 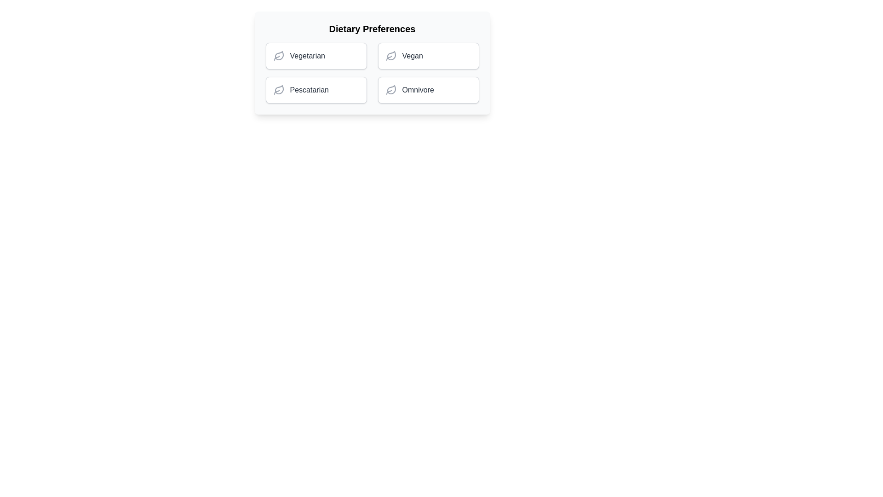 What do you see at coordinates (391, 56) in the screenshot?
I see `the Vegan dietary preference icon located in the top-right button of a 2x2 grid within the 'Dietary Preferences' section, immediately left of the text 'Vegan'` at bounding box center [391, 56].